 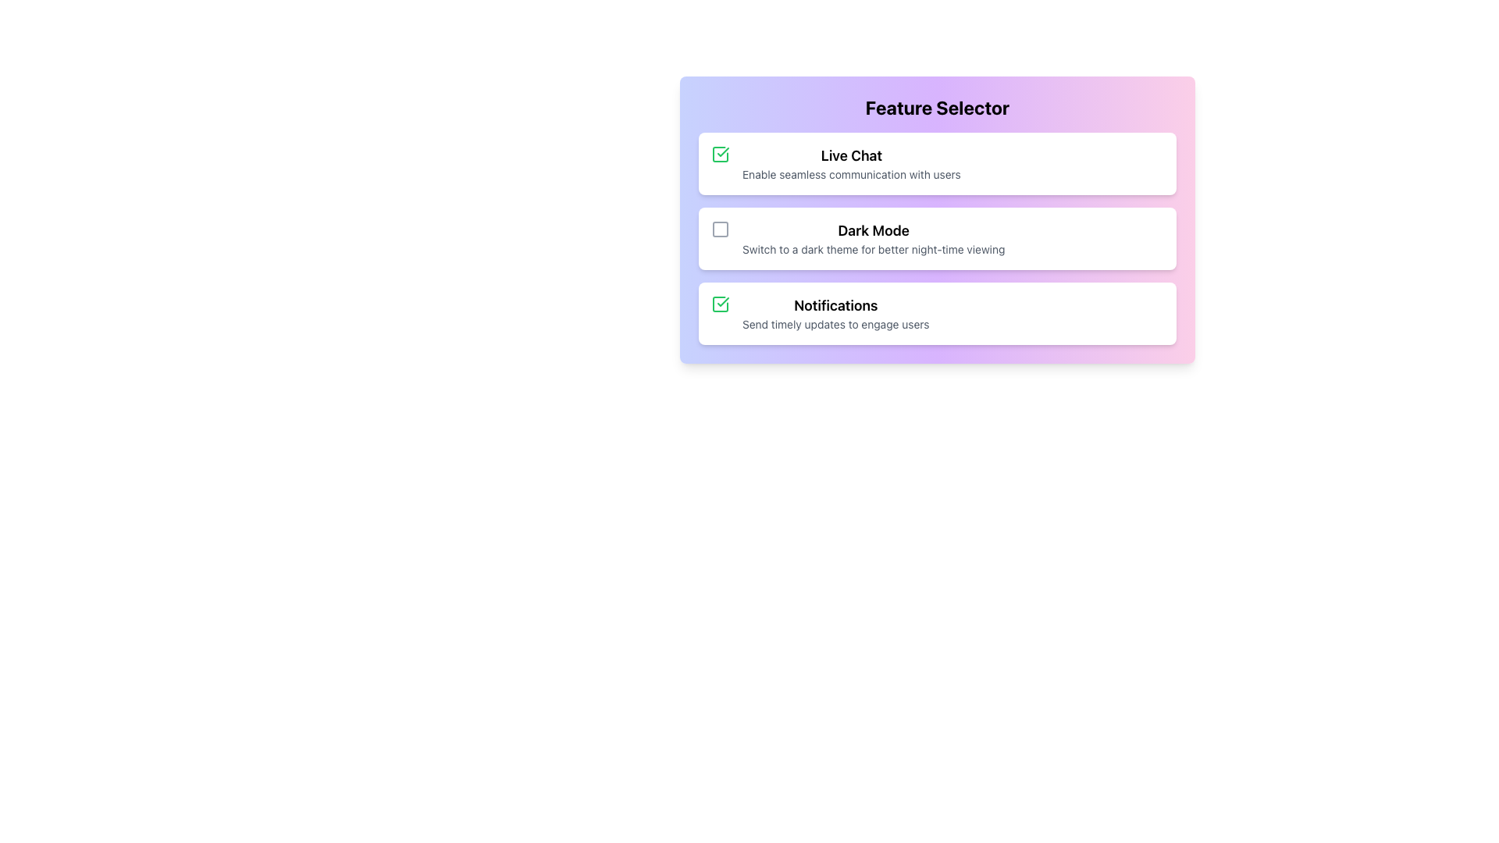 I want to click on the 'Notifications' text label, which is styled in bold and larger font, indicating it is a header within the Notifications section of the feature selector list, so click(x=835, y=306).